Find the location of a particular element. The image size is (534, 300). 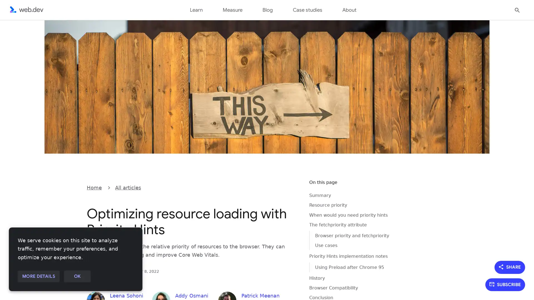

Open search is located at coordinates (517, 9).